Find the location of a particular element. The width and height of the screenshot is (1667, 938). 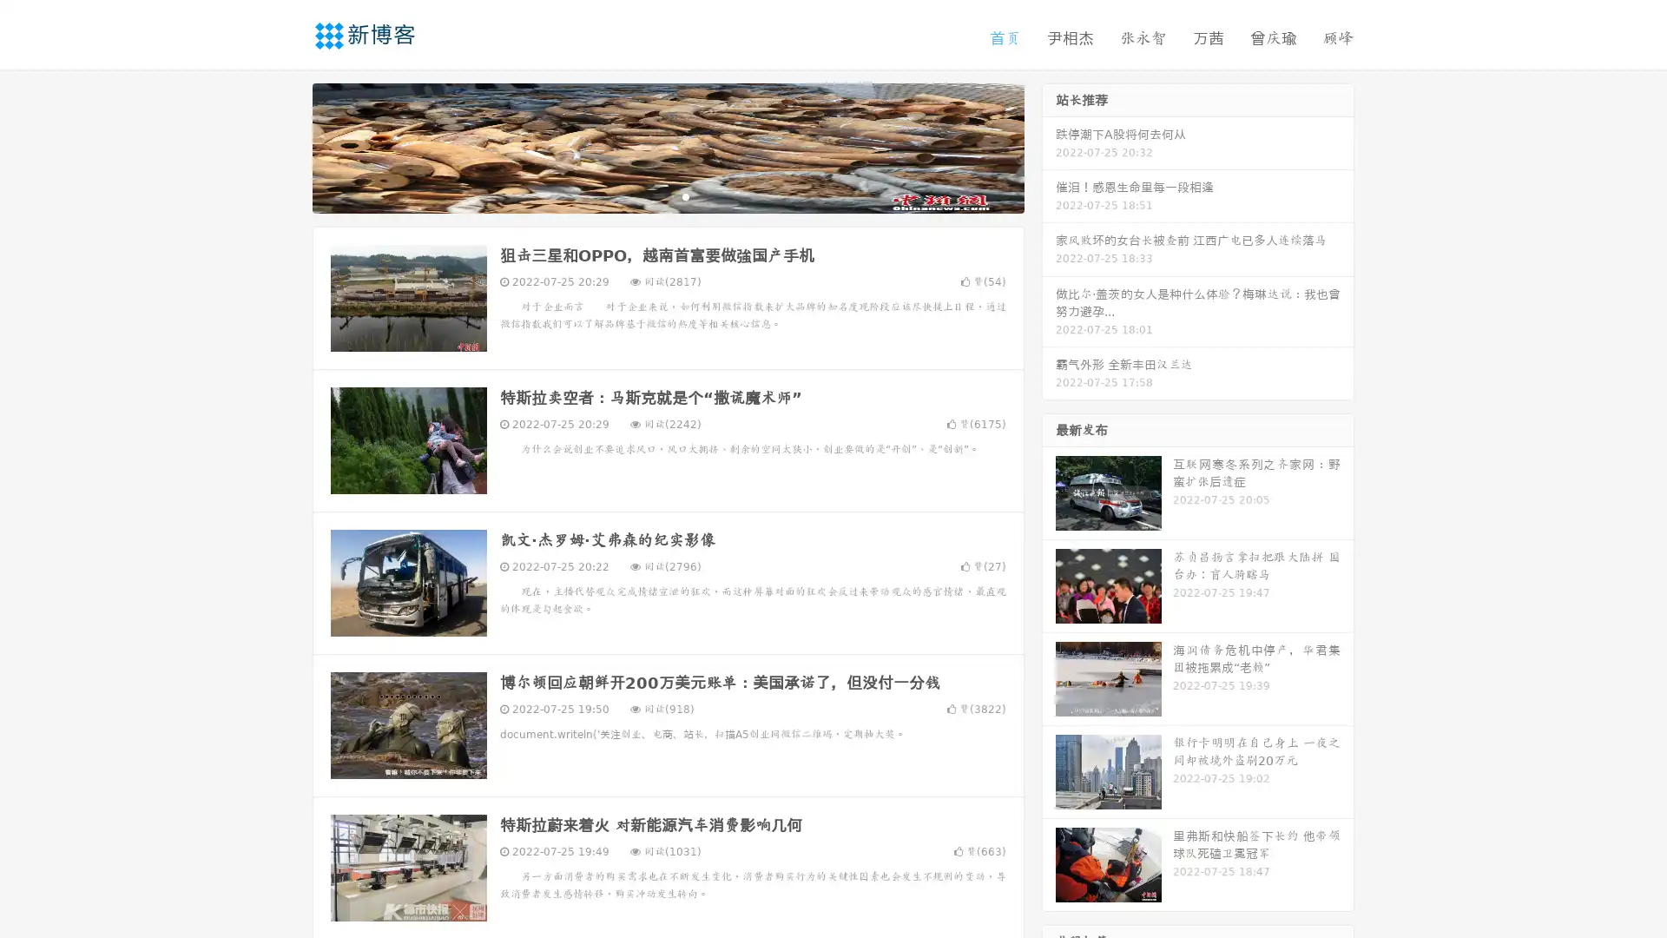

Previous slide is located at coordinates (287, 146).